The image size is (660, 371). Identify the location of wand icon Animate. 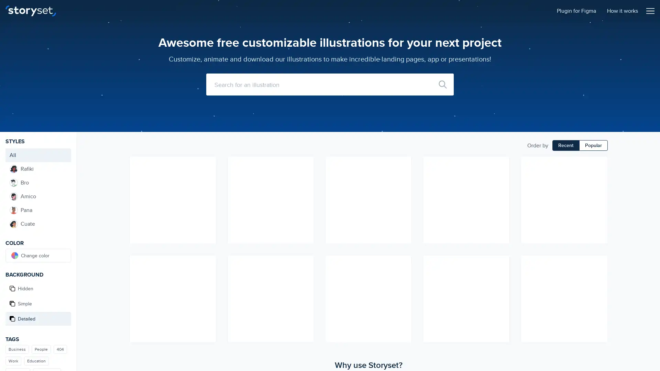
(598, 263).